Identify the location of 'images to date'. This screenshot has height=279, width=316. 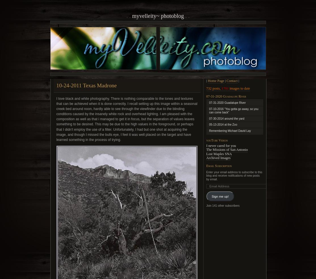
(239, 88).